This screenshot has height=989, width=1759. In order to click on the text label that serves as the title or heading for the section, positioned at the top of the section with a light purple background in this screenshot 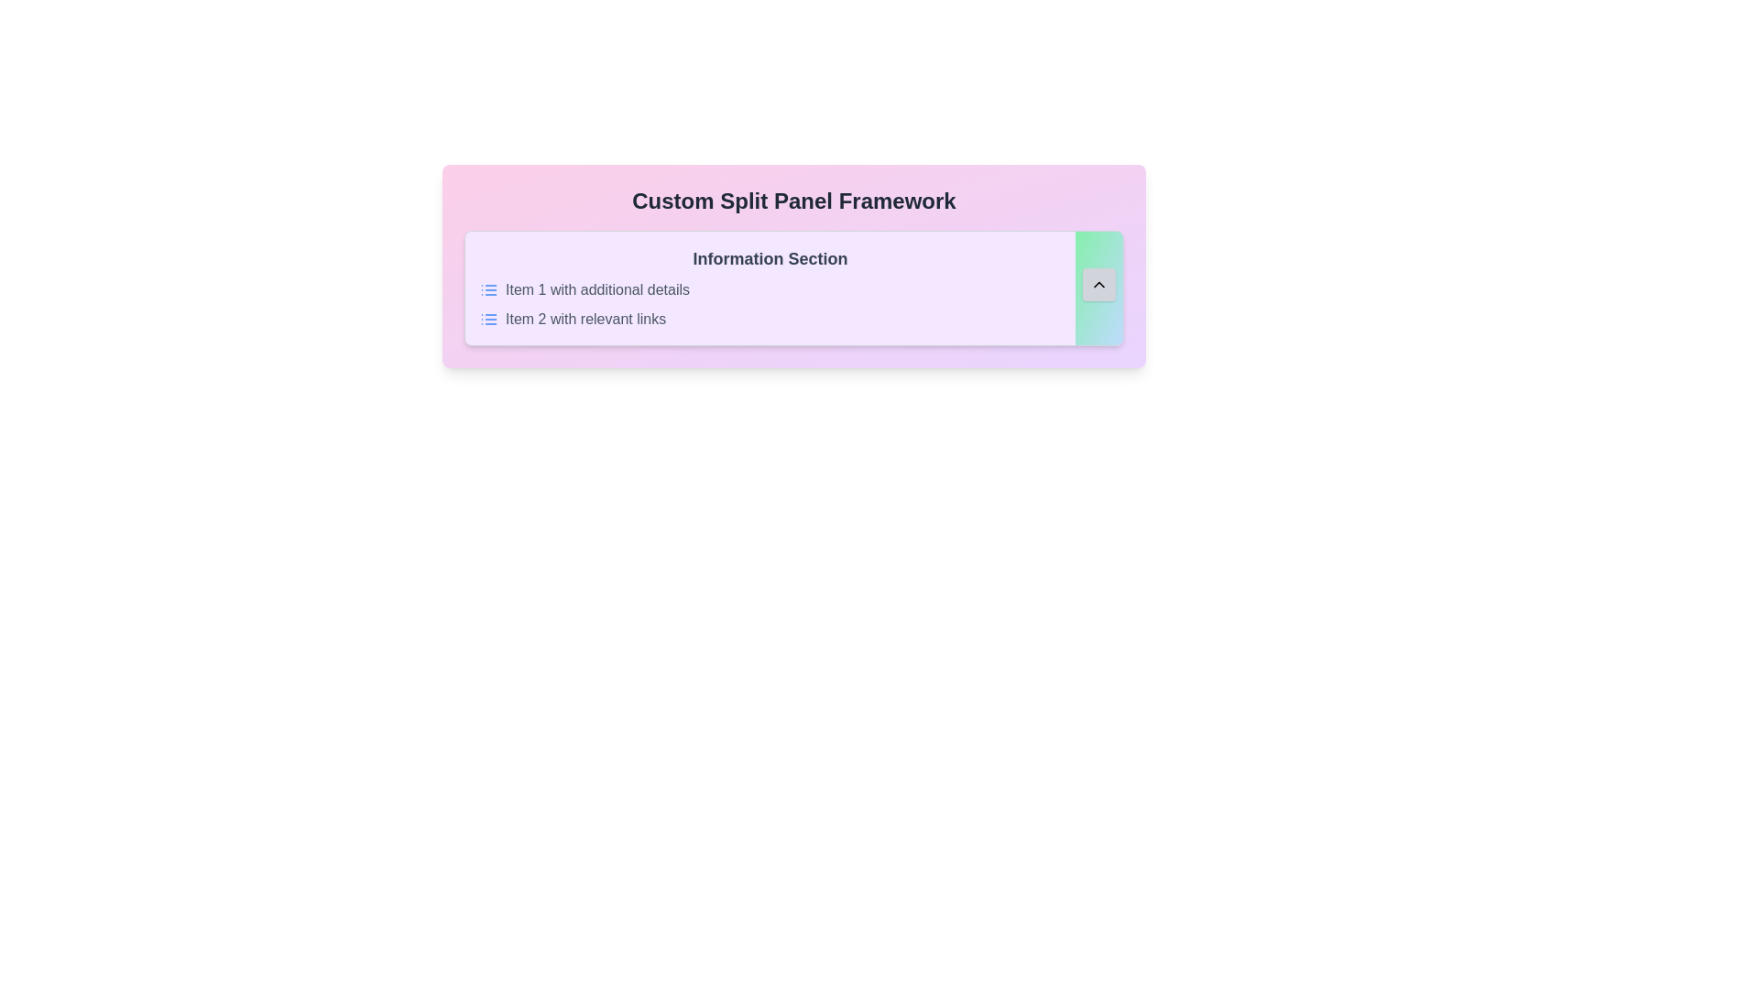, I will do `click(770, 258)`.